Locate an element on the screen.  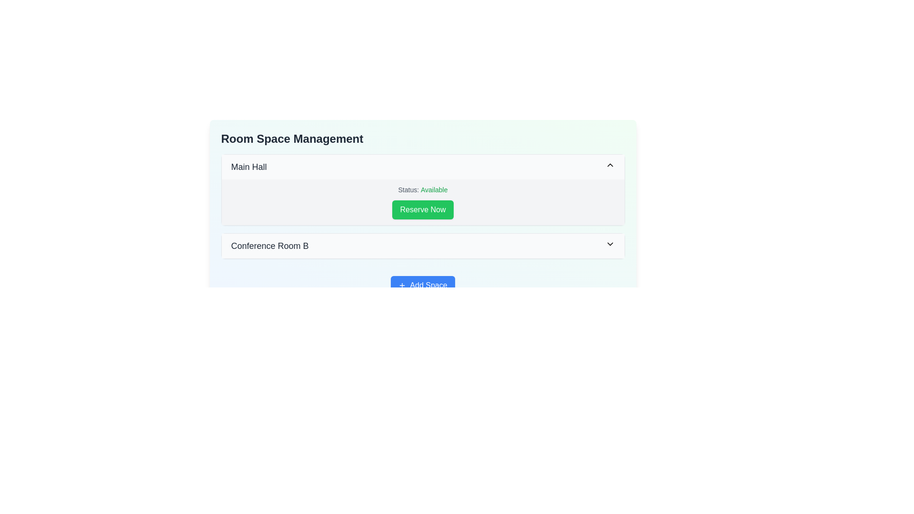
the reservation button located in the 'Main Hall' section under 'Room Space Management' is located at coordinates (422, 209).